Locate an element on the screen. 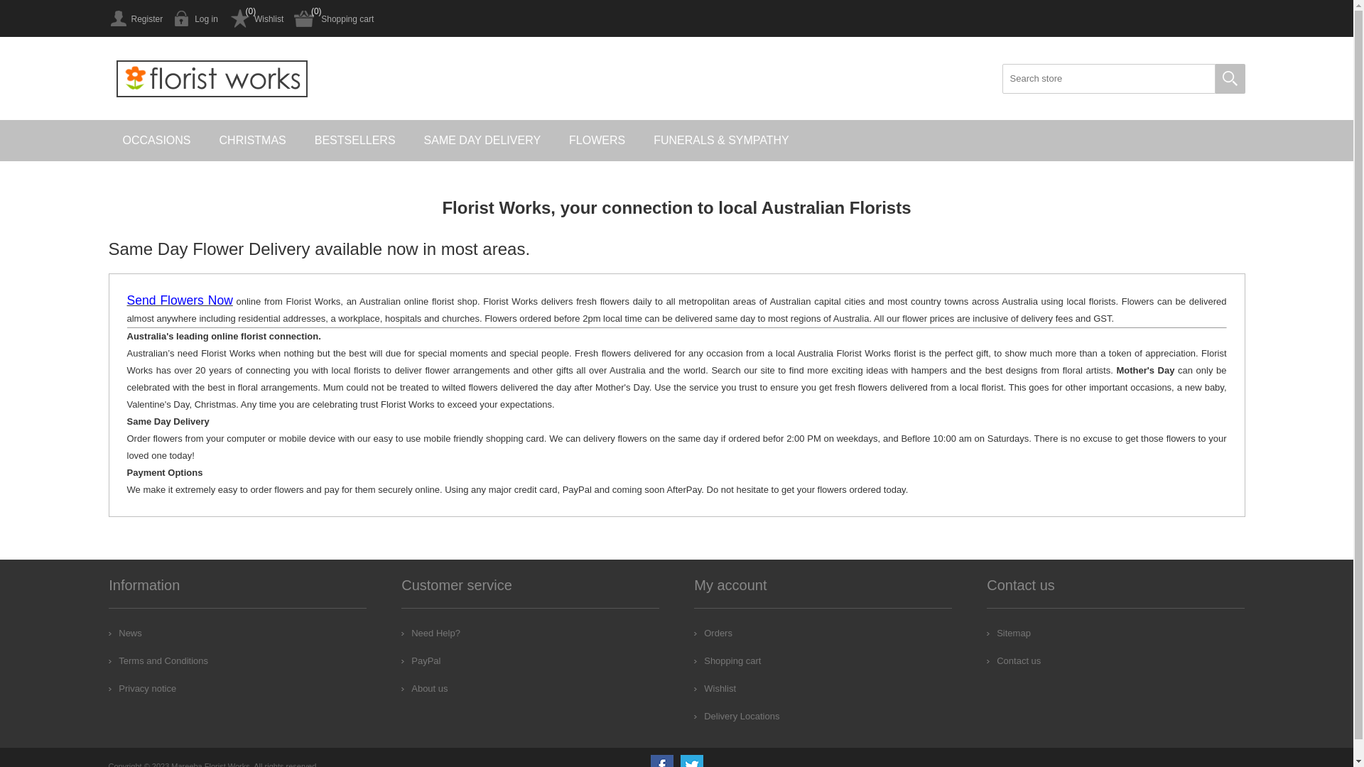 This screenshot has width=1364, height=767. 'Wishlist' is located at coordinates (228, 18).